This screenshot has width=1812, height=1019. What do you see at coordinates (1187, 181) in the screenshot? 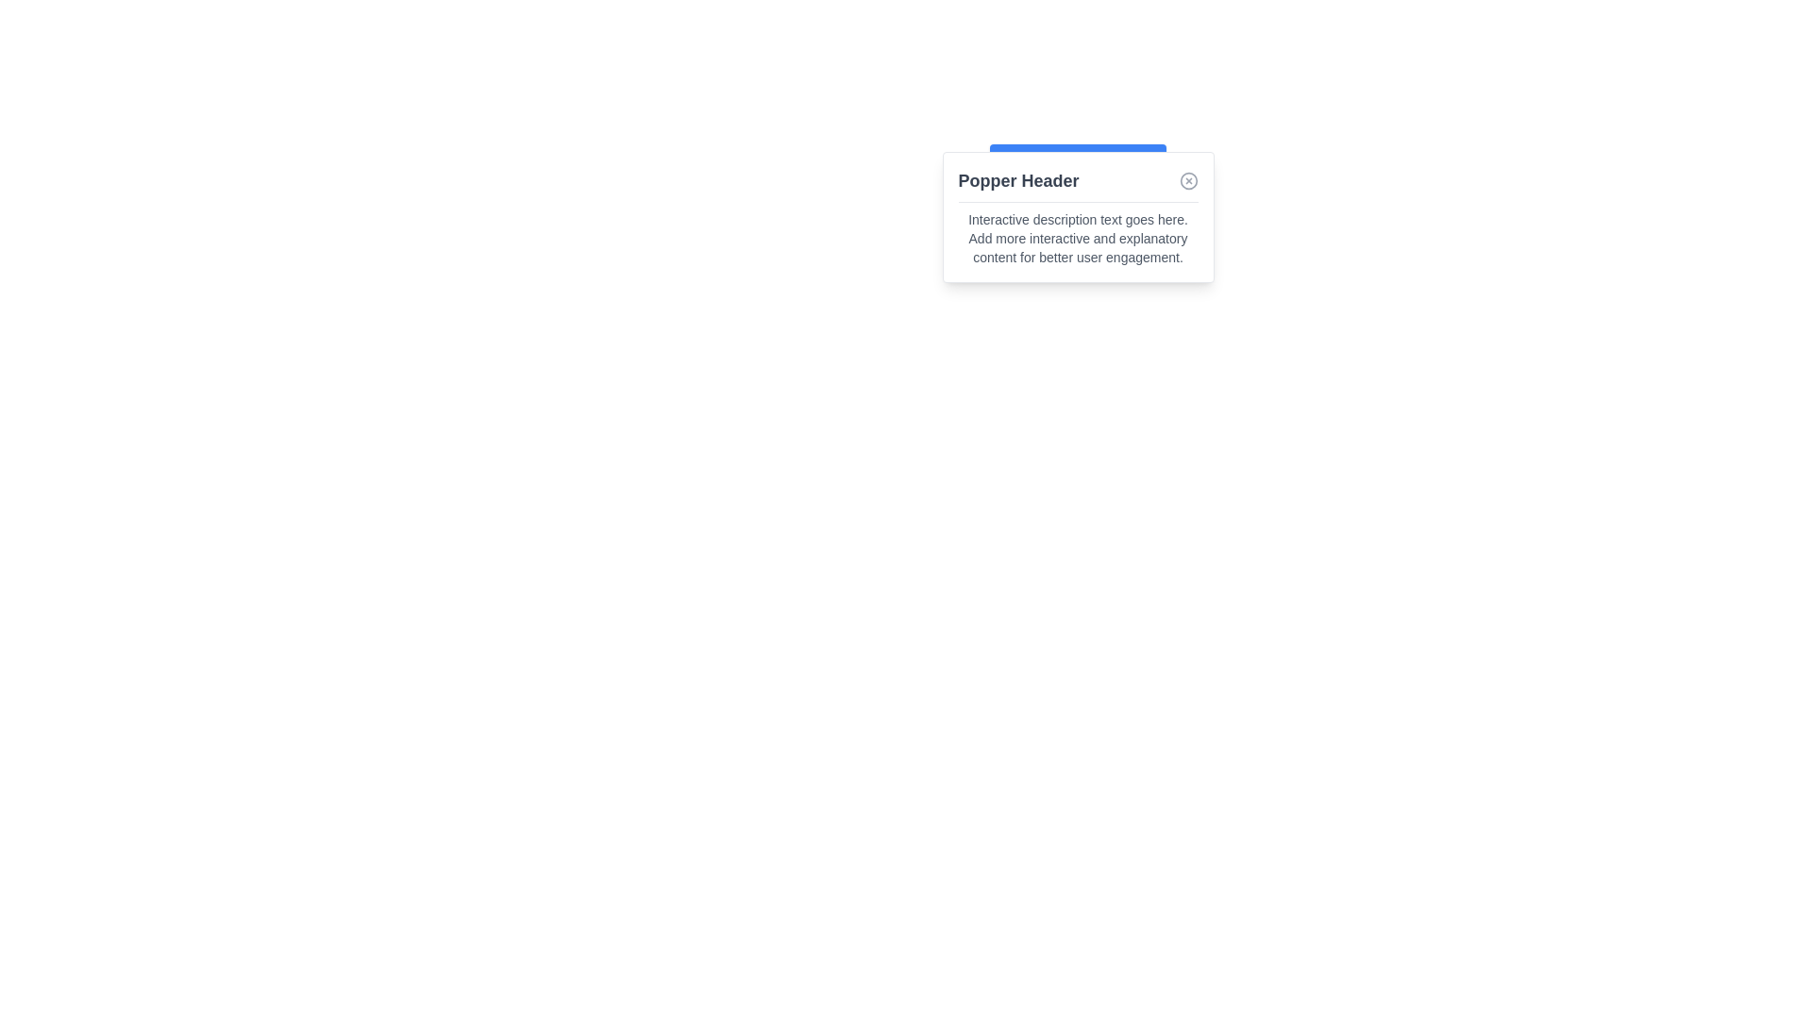
I see `the circular design within the SVG icon located at the top right corner of the modal window, adjacent to the header text 'Popper Header'` at bounding box center [1187, 181].